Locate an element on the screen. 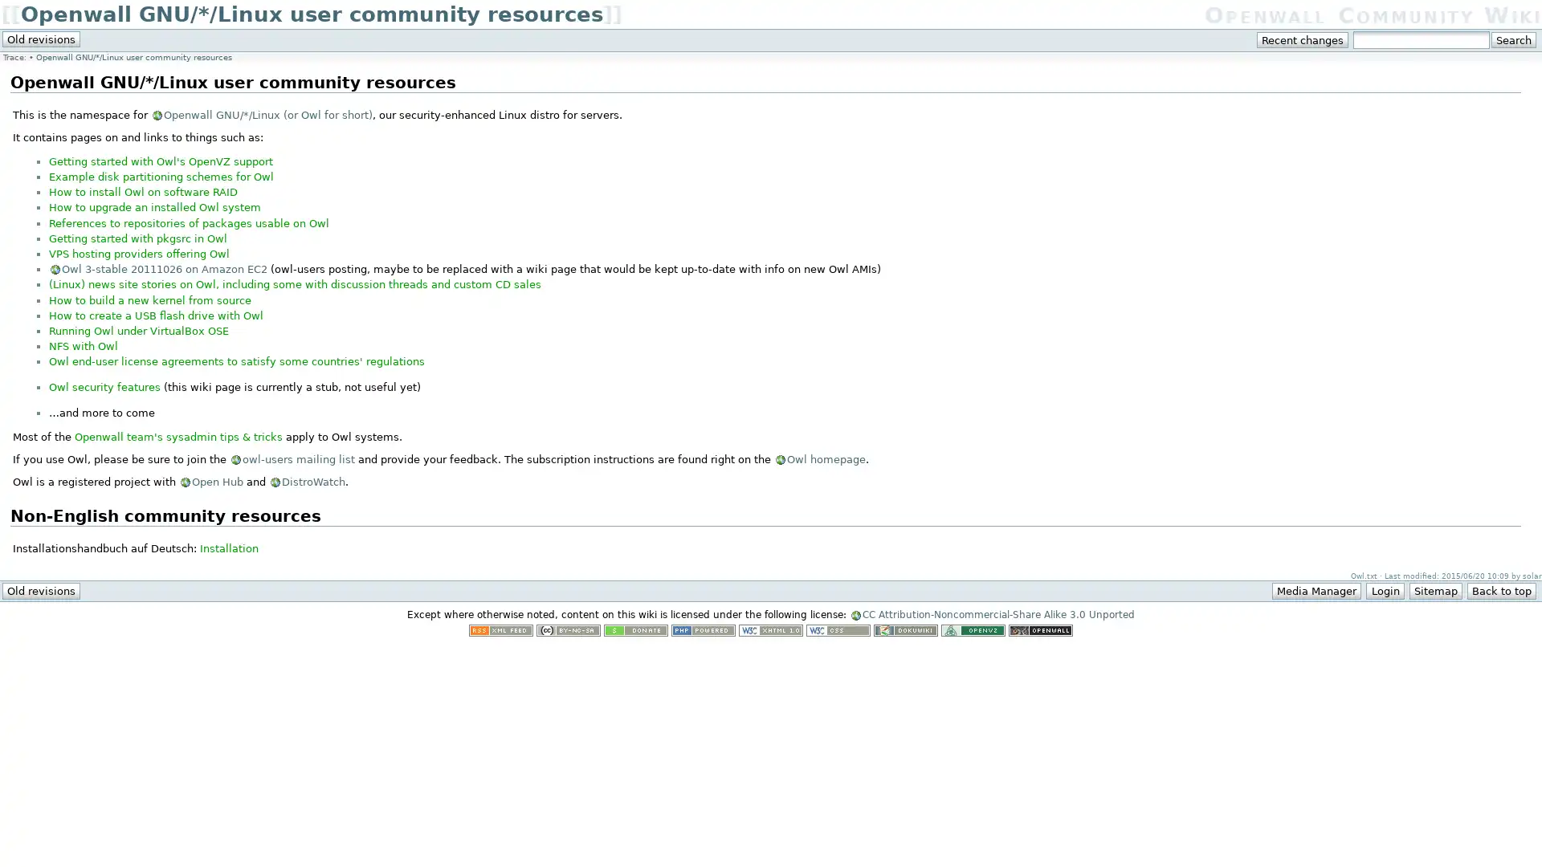 The width and height of the screenshot is (1542, 867). Sitemap is located at coordinates (1434, 591).